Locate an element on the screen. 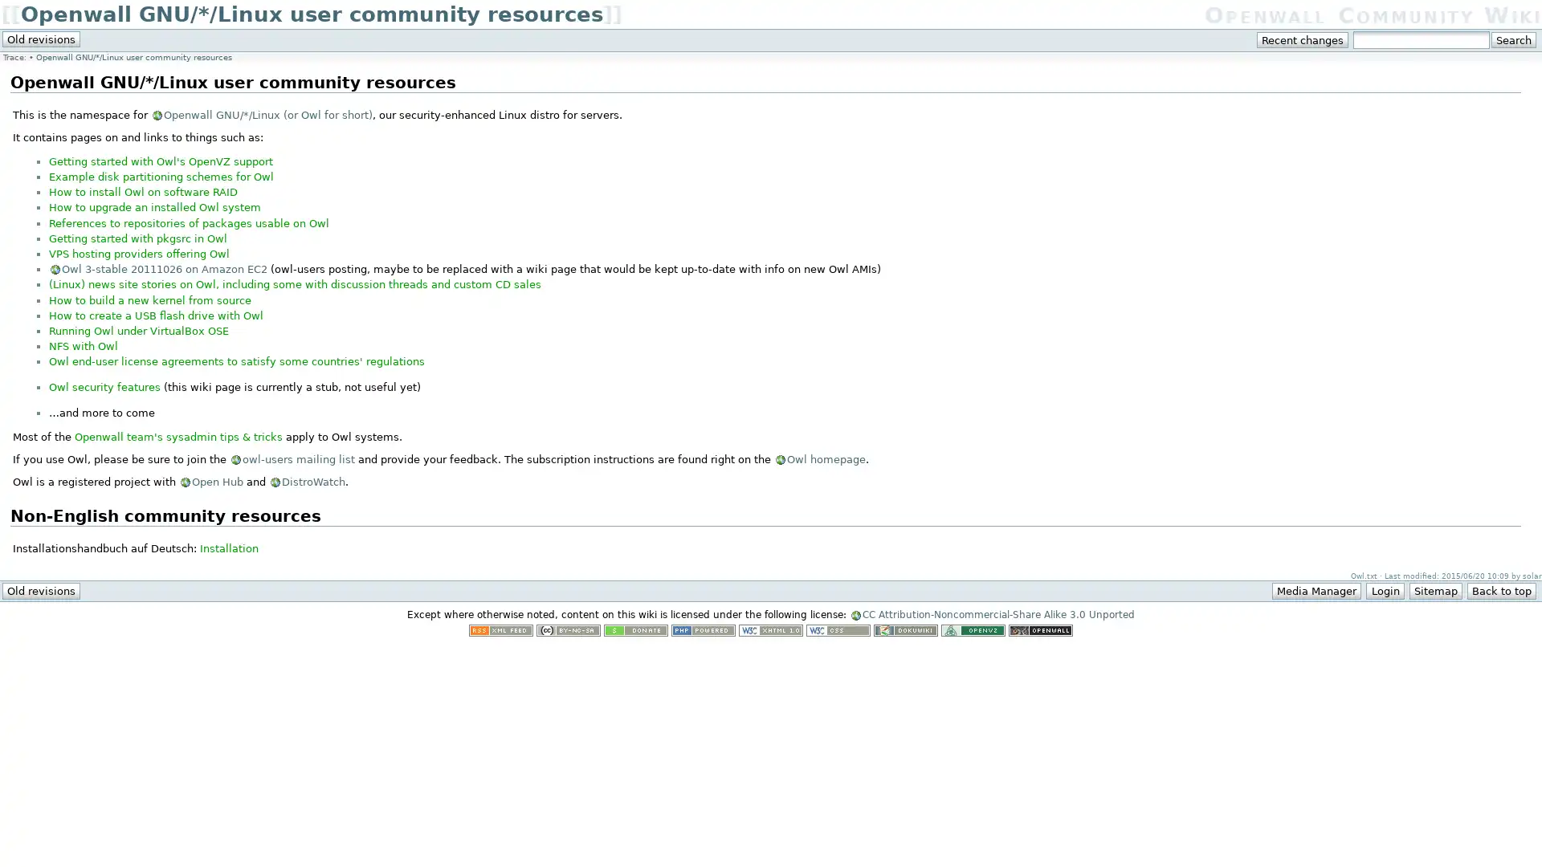 The width and height of the screenshot is (1542, 867). Sitemap is located at coordinates (1434, 591).